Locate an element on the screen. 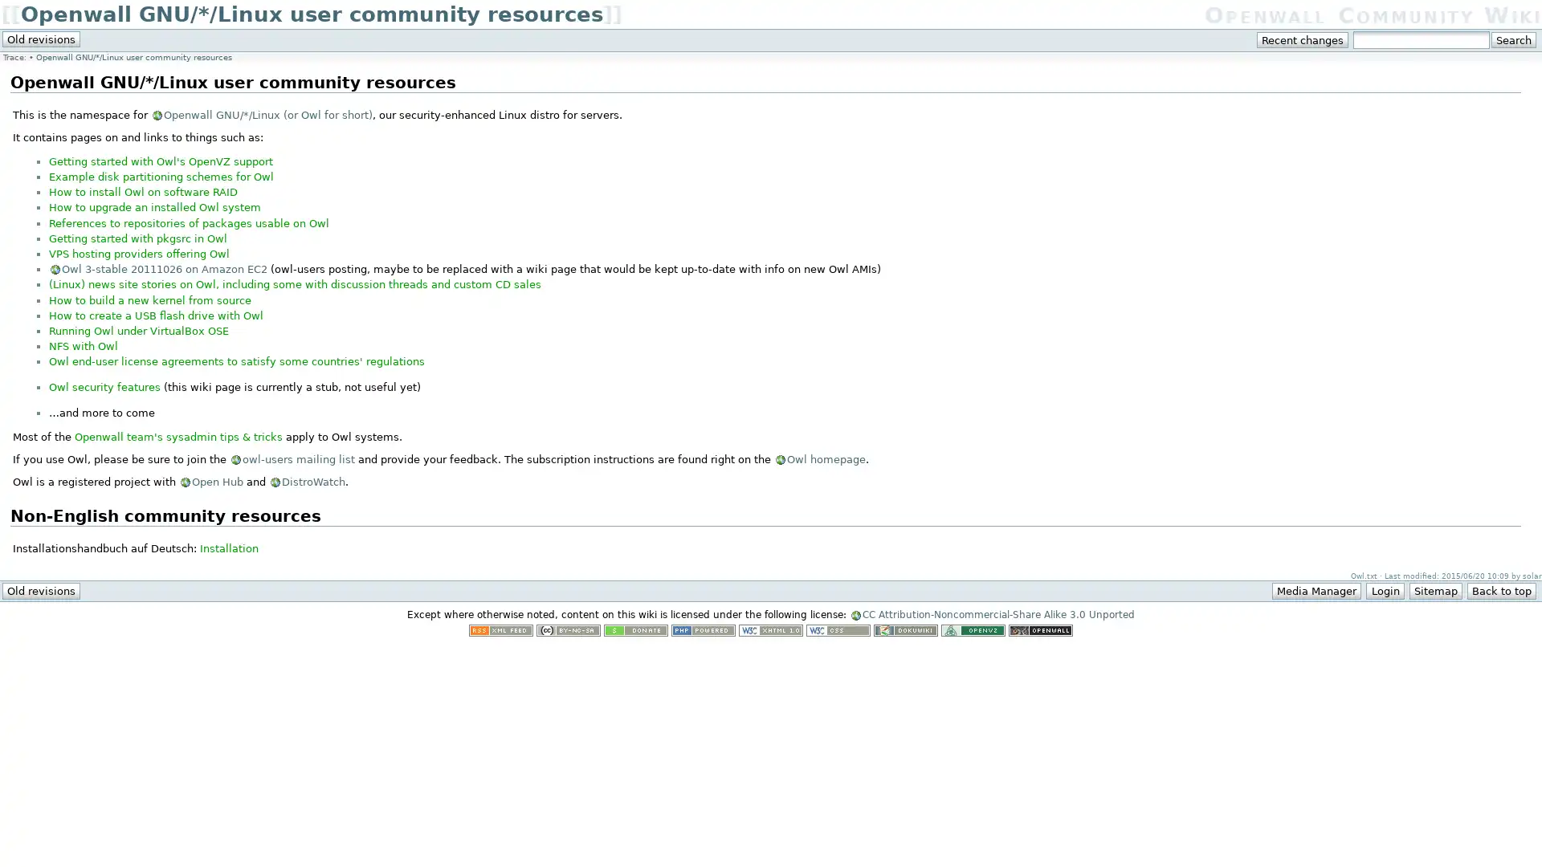 The width and height of the screenshot is (1542, 867). Sitemap is located at coordinates (1434, 591).